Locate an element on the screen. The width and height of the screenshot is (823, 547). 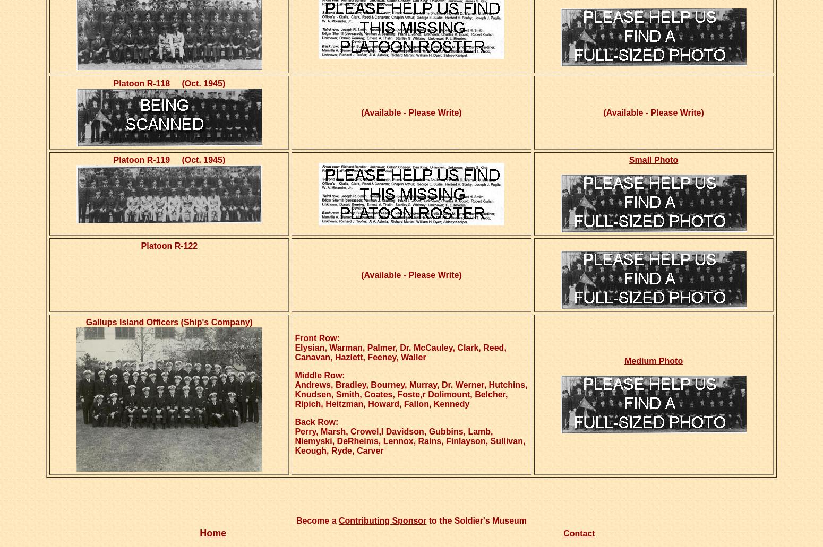
'Middle Row:' is located at coordinates (320, 375).